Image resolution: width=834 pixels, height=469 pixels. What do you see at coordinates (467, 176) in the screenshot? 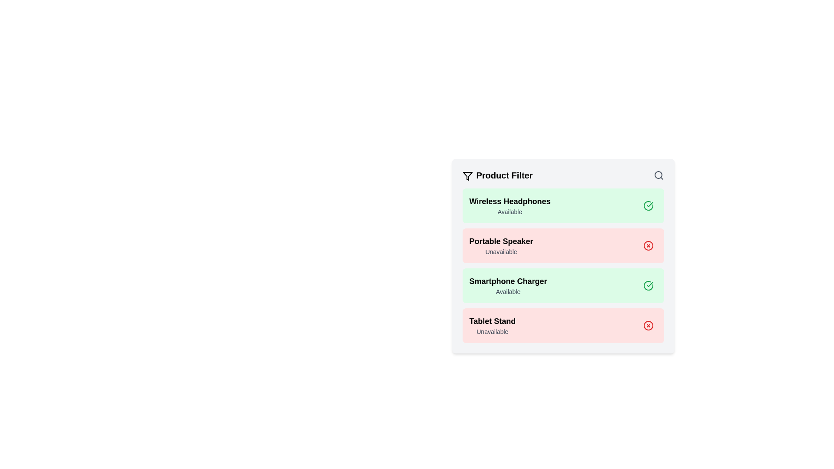
I see `the funnel-shaped icon located in the 'Product Filter' section header, positioned to the left of the title 'Product Filter'` at bounding box center [467, 176].